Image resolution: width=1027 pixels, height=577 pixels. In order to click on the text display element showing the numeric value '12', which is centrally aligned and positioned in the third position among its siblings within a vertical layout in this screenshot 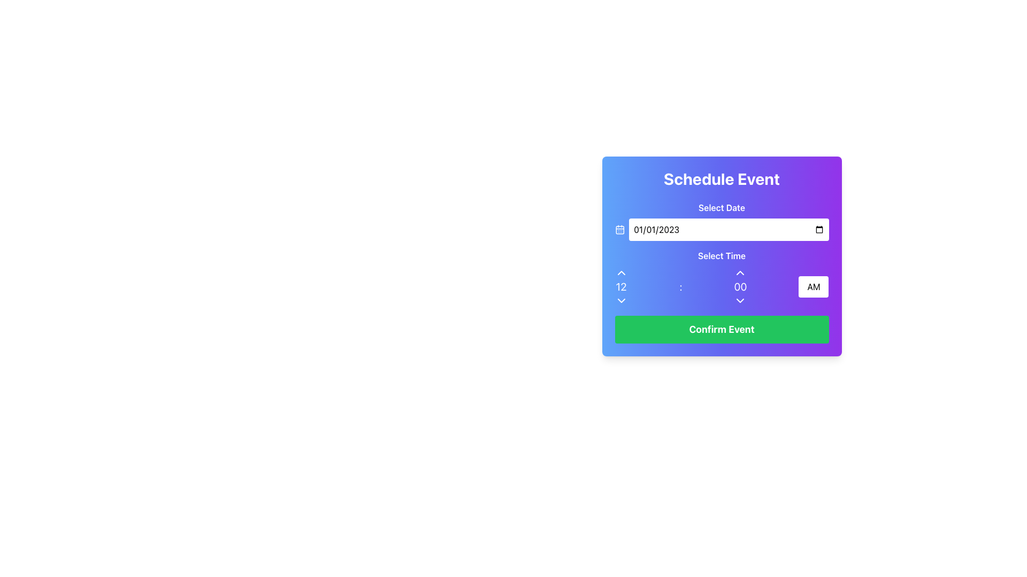, I will do `click(621, 286)`.